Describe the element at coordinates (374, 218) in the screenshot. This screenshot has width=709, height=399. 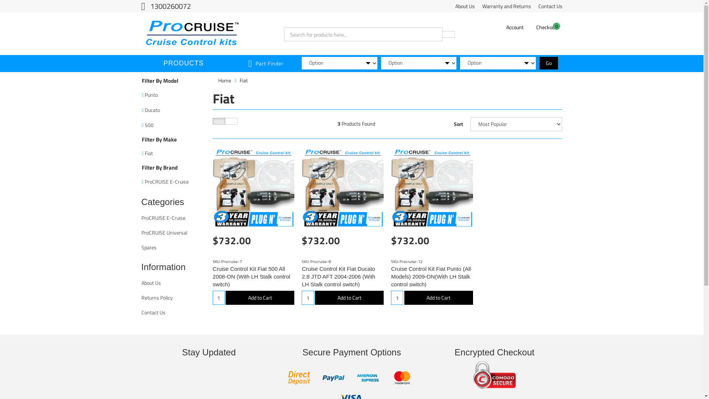
I see `'ProCRUISE E-Cruise'` at that location.